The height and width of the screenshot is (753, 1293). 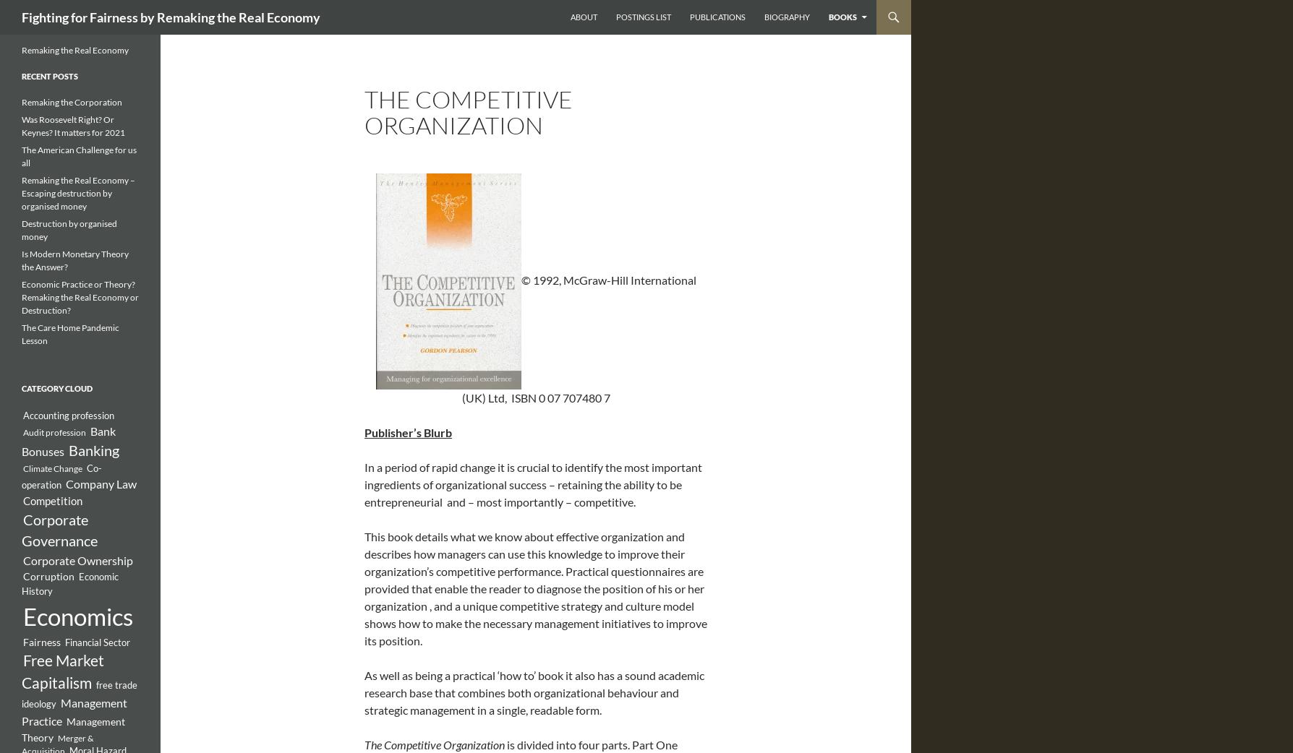 What do you see at coordinates (533, 692) in the screenshot?
I see `'As well as being a practical ‘how to’ book it also has a sound academic research base that combines both organizational behaviour and strategic management in a single, readable form.'` at bounding box center [533, 692].